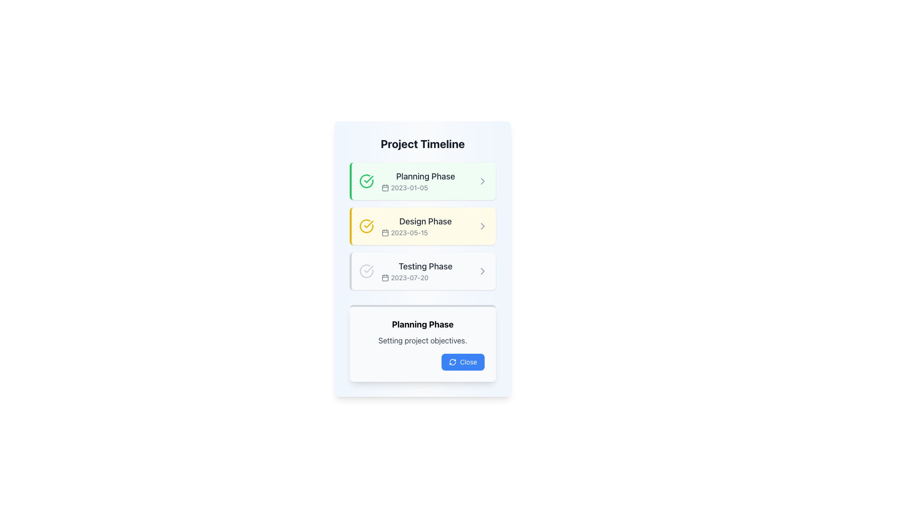  Describe the element at coordinates (366, 226) in the screenshot. I see `status indicator icon for the 'Design Phase' entry, which is located in the leftmost portion of the second row of the list item group` at that location.